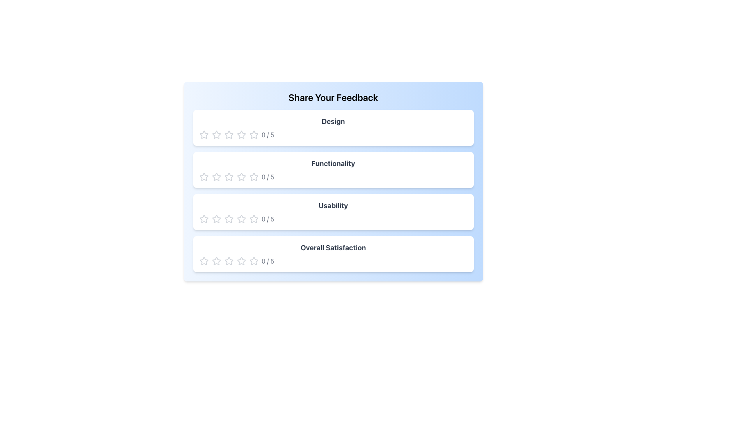  I want to click on the first (leftmost) hollow star icon in the 'Overall Satisfaction' rating row, so click(228, 261).